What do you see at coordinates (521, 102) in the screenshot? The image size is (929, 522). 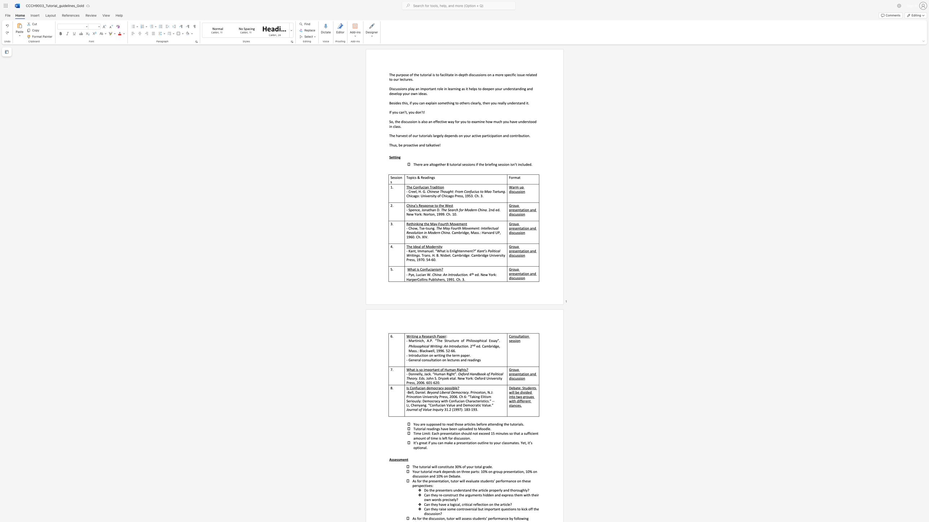 I see `the subset text "nd it." within the text "Besides this, if you can explain something to others clearly, then you really understand it."` at bounding box center [521, 102].